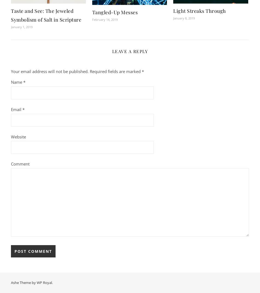 The height and width of the screenshot is (293, 260). I want to click on 'Light Streaks Through', so click(199, 10).